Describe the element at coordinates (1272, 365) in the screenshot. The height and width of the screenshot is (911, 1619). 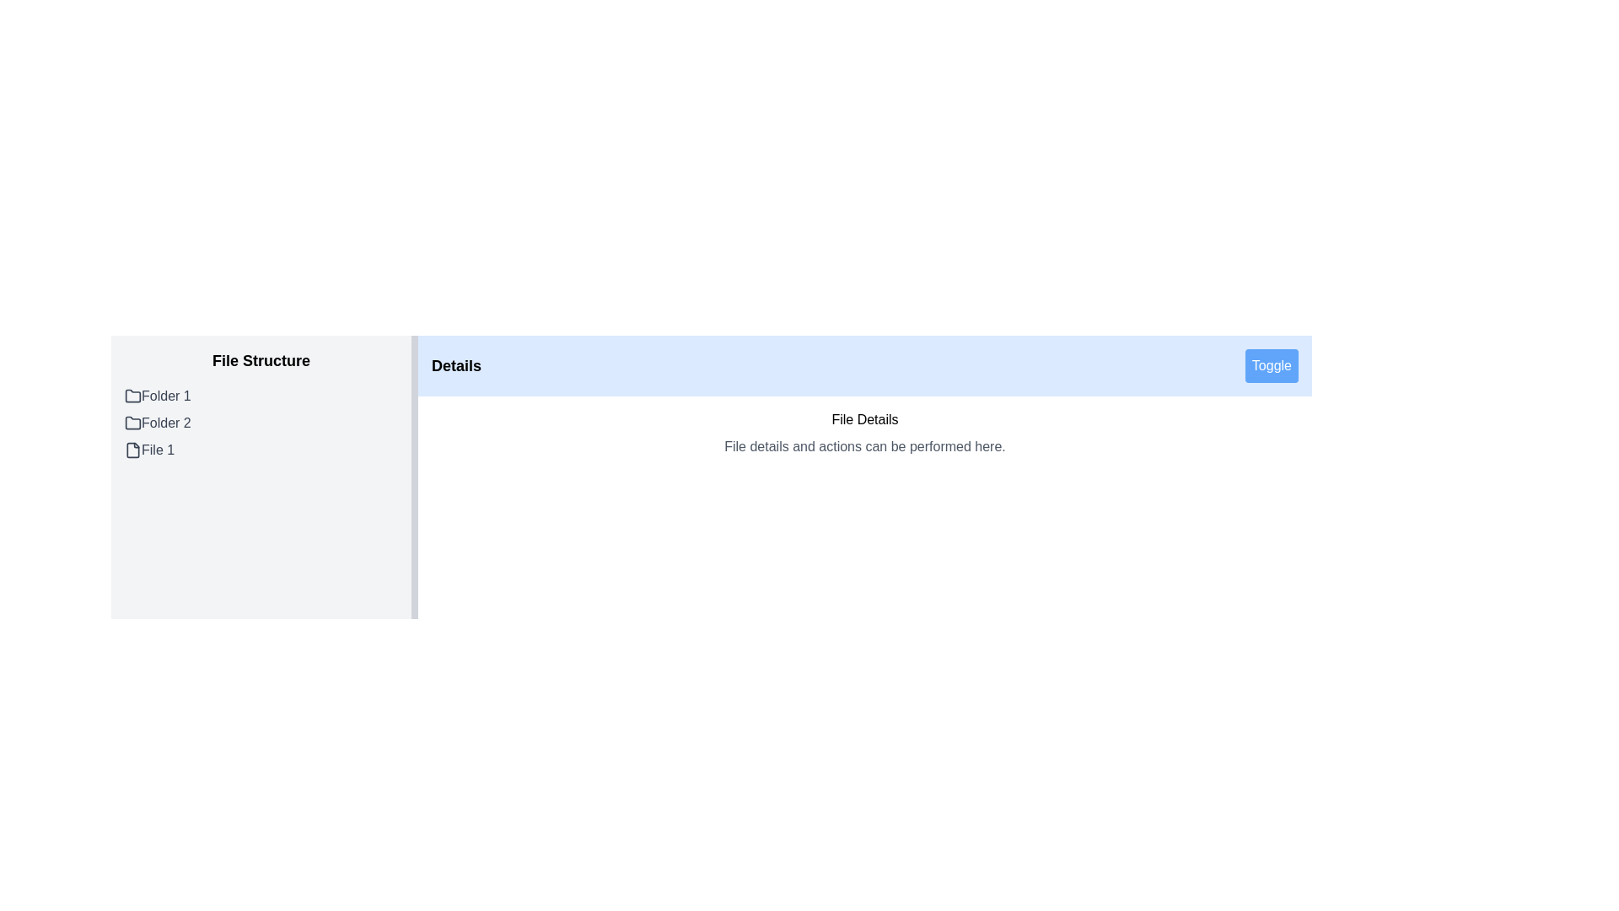
I see `the 'Toggle' button with a blue background and white text located on the far right of the 'Details' bar` at that location.